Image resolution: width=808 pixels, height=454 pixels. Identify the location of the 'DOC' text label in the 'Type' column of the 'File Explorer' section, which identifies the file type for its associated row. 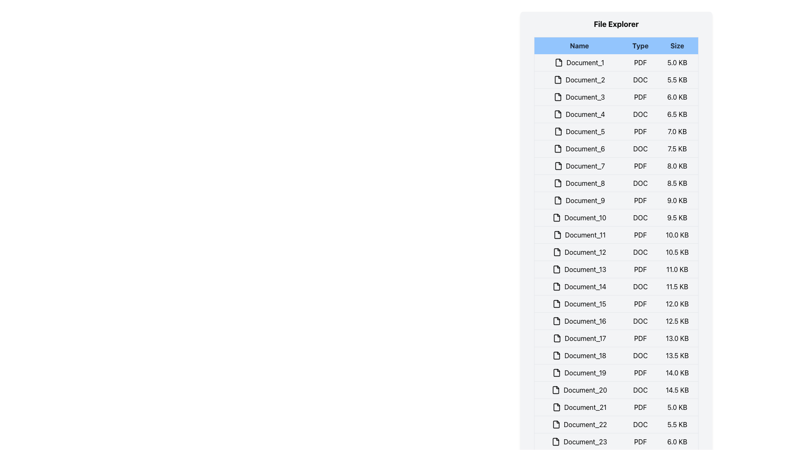
(640, 79).